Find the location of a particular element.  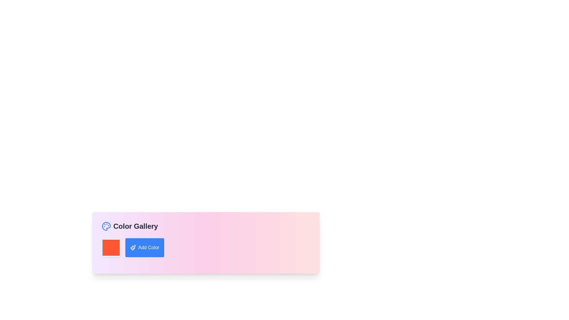

the blue button labeled 'Add Color' that contains a minimalistic blue paintbrush icon located towards the center-right of the 'Color Gallery' section is located at coordinates (132, 248).